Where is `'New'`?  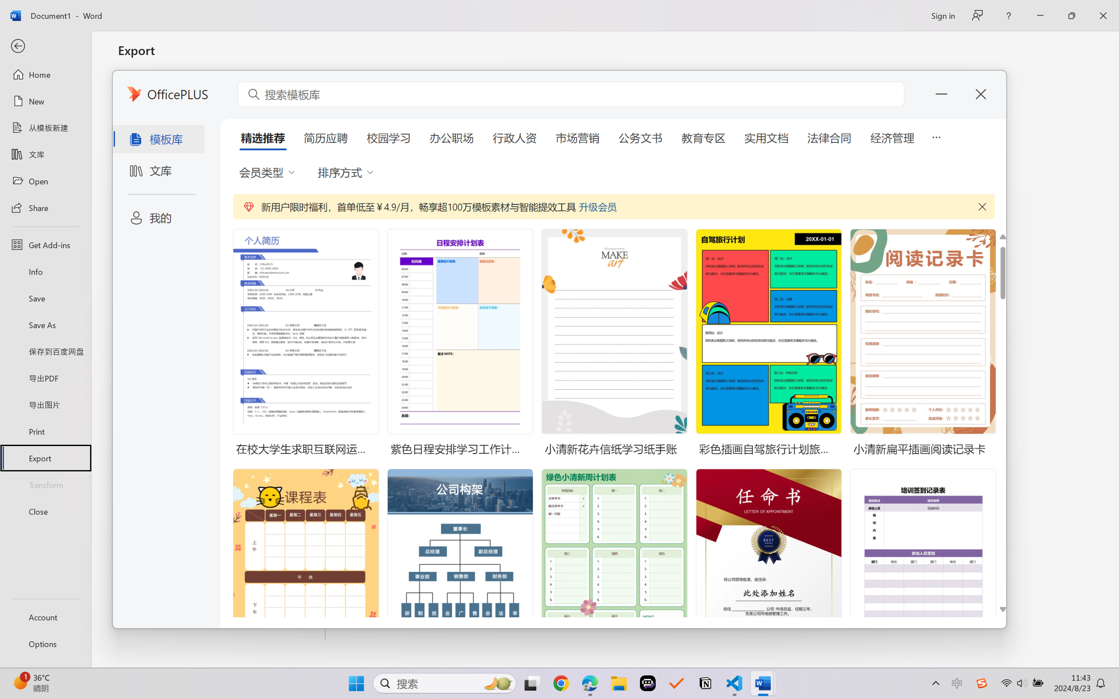
'New' is located at coordinates (45, 100).